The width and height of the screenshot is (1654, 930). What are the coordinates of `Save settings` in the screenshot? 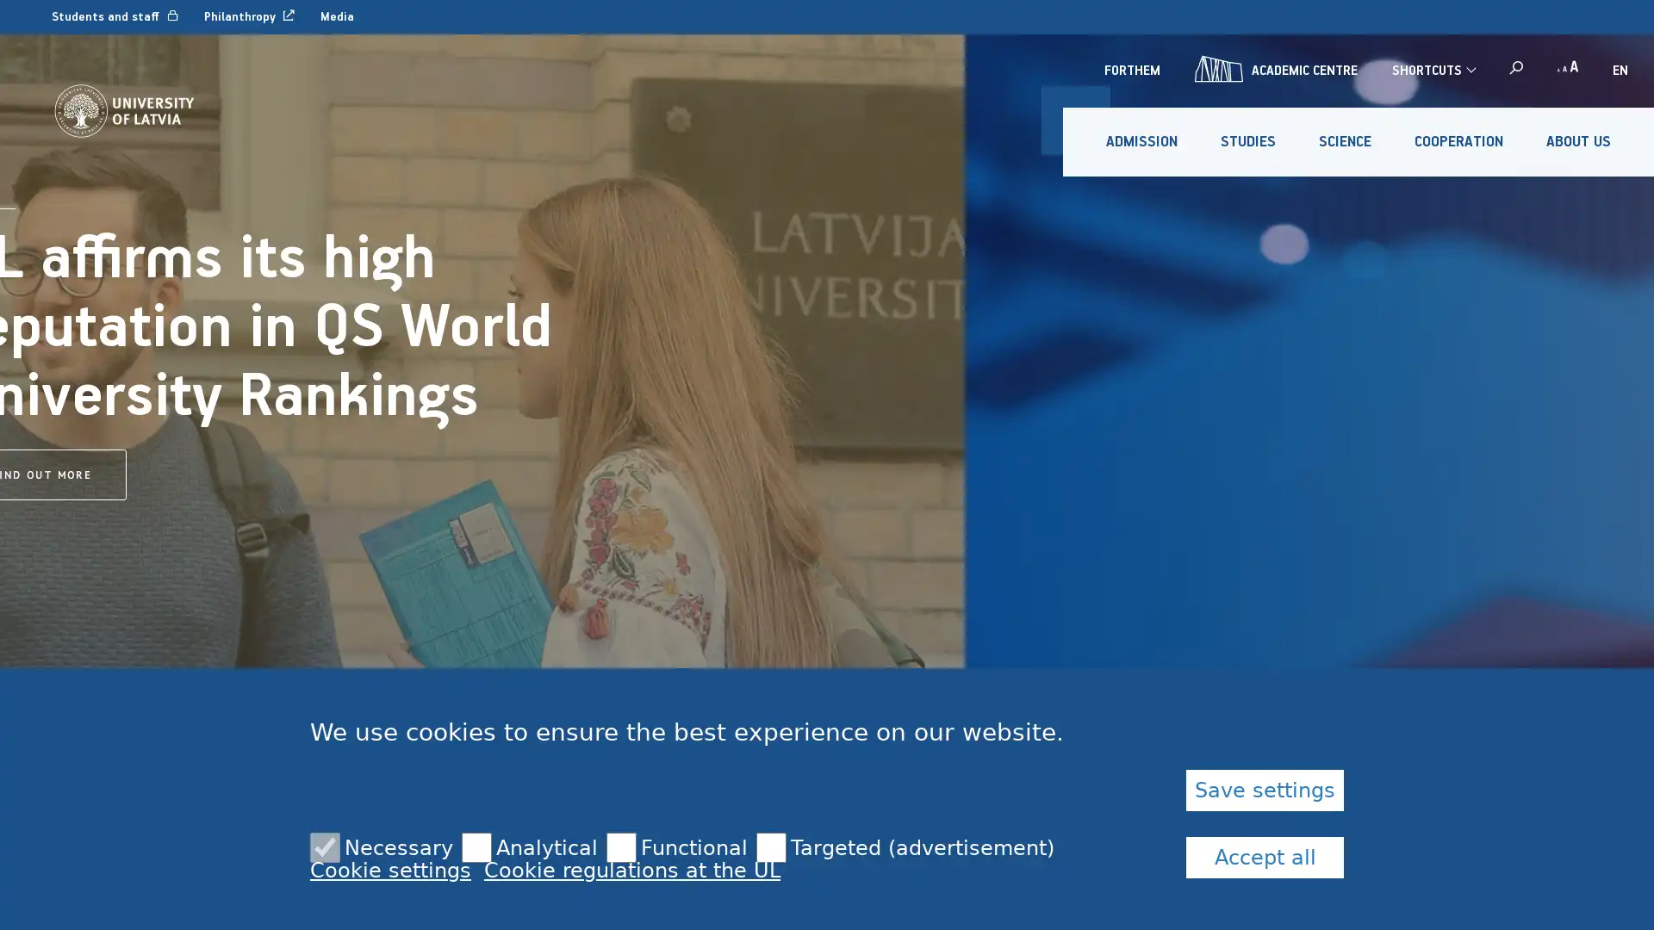 It's located at (1265, 790).